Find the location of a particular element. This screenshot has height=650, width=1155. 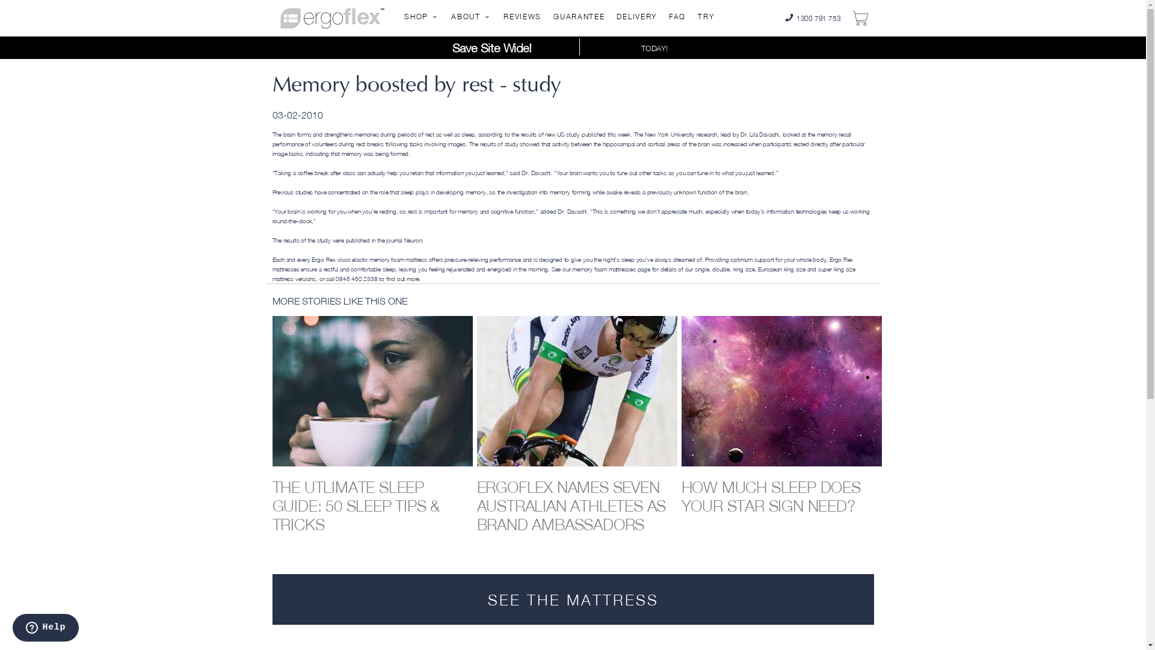

'Opens a widget where you can chat to one of our agents' is located at coordinates (45, 628).